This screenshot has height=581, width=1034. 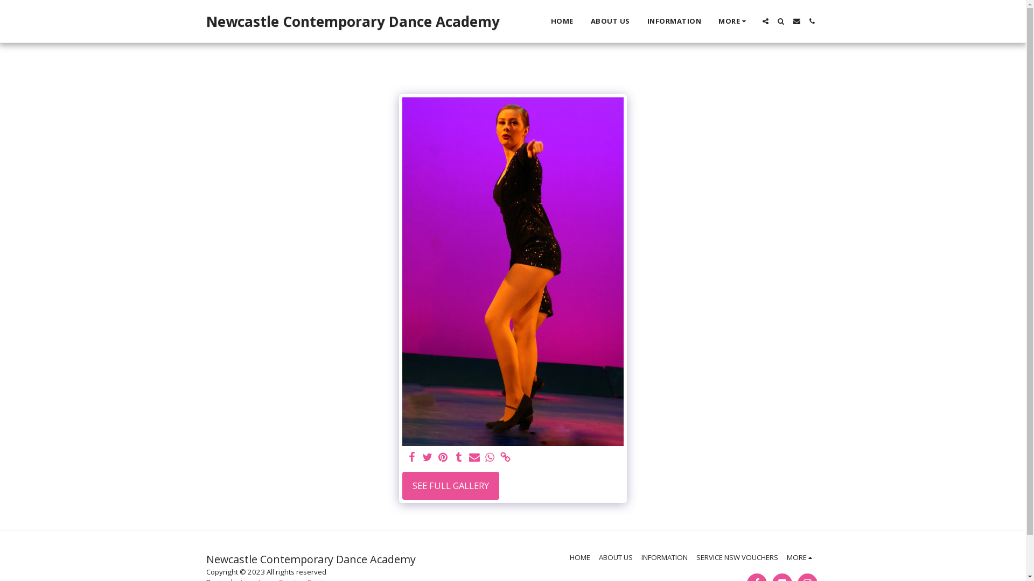 What do you see at coordinates (489, 458) in the screenshot?
I see `'whatsapp'` at bounding box center [489, 458].